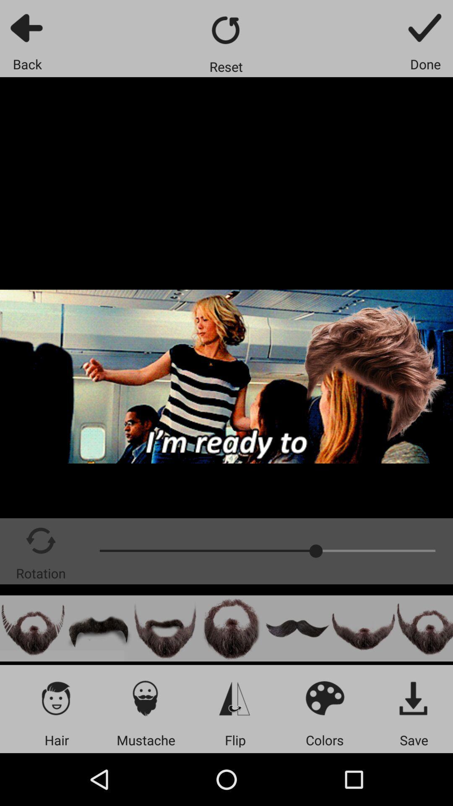  Describe the element at coordinates (226, 30) in the screenshot. I see `reset` at that location.